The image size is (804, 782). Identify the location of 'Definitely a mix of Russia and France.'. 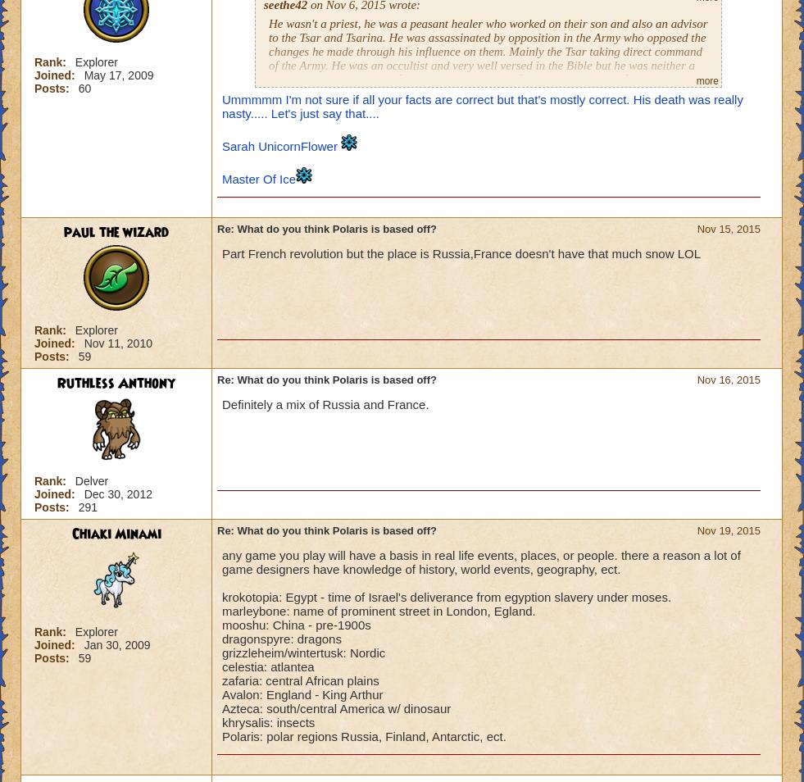
(220, 403).